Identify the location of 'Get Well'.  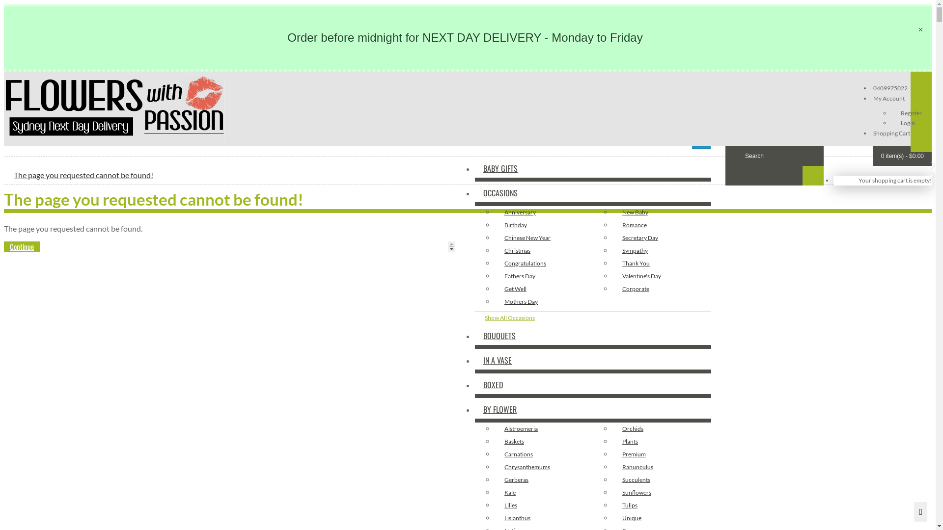
(543, 289).